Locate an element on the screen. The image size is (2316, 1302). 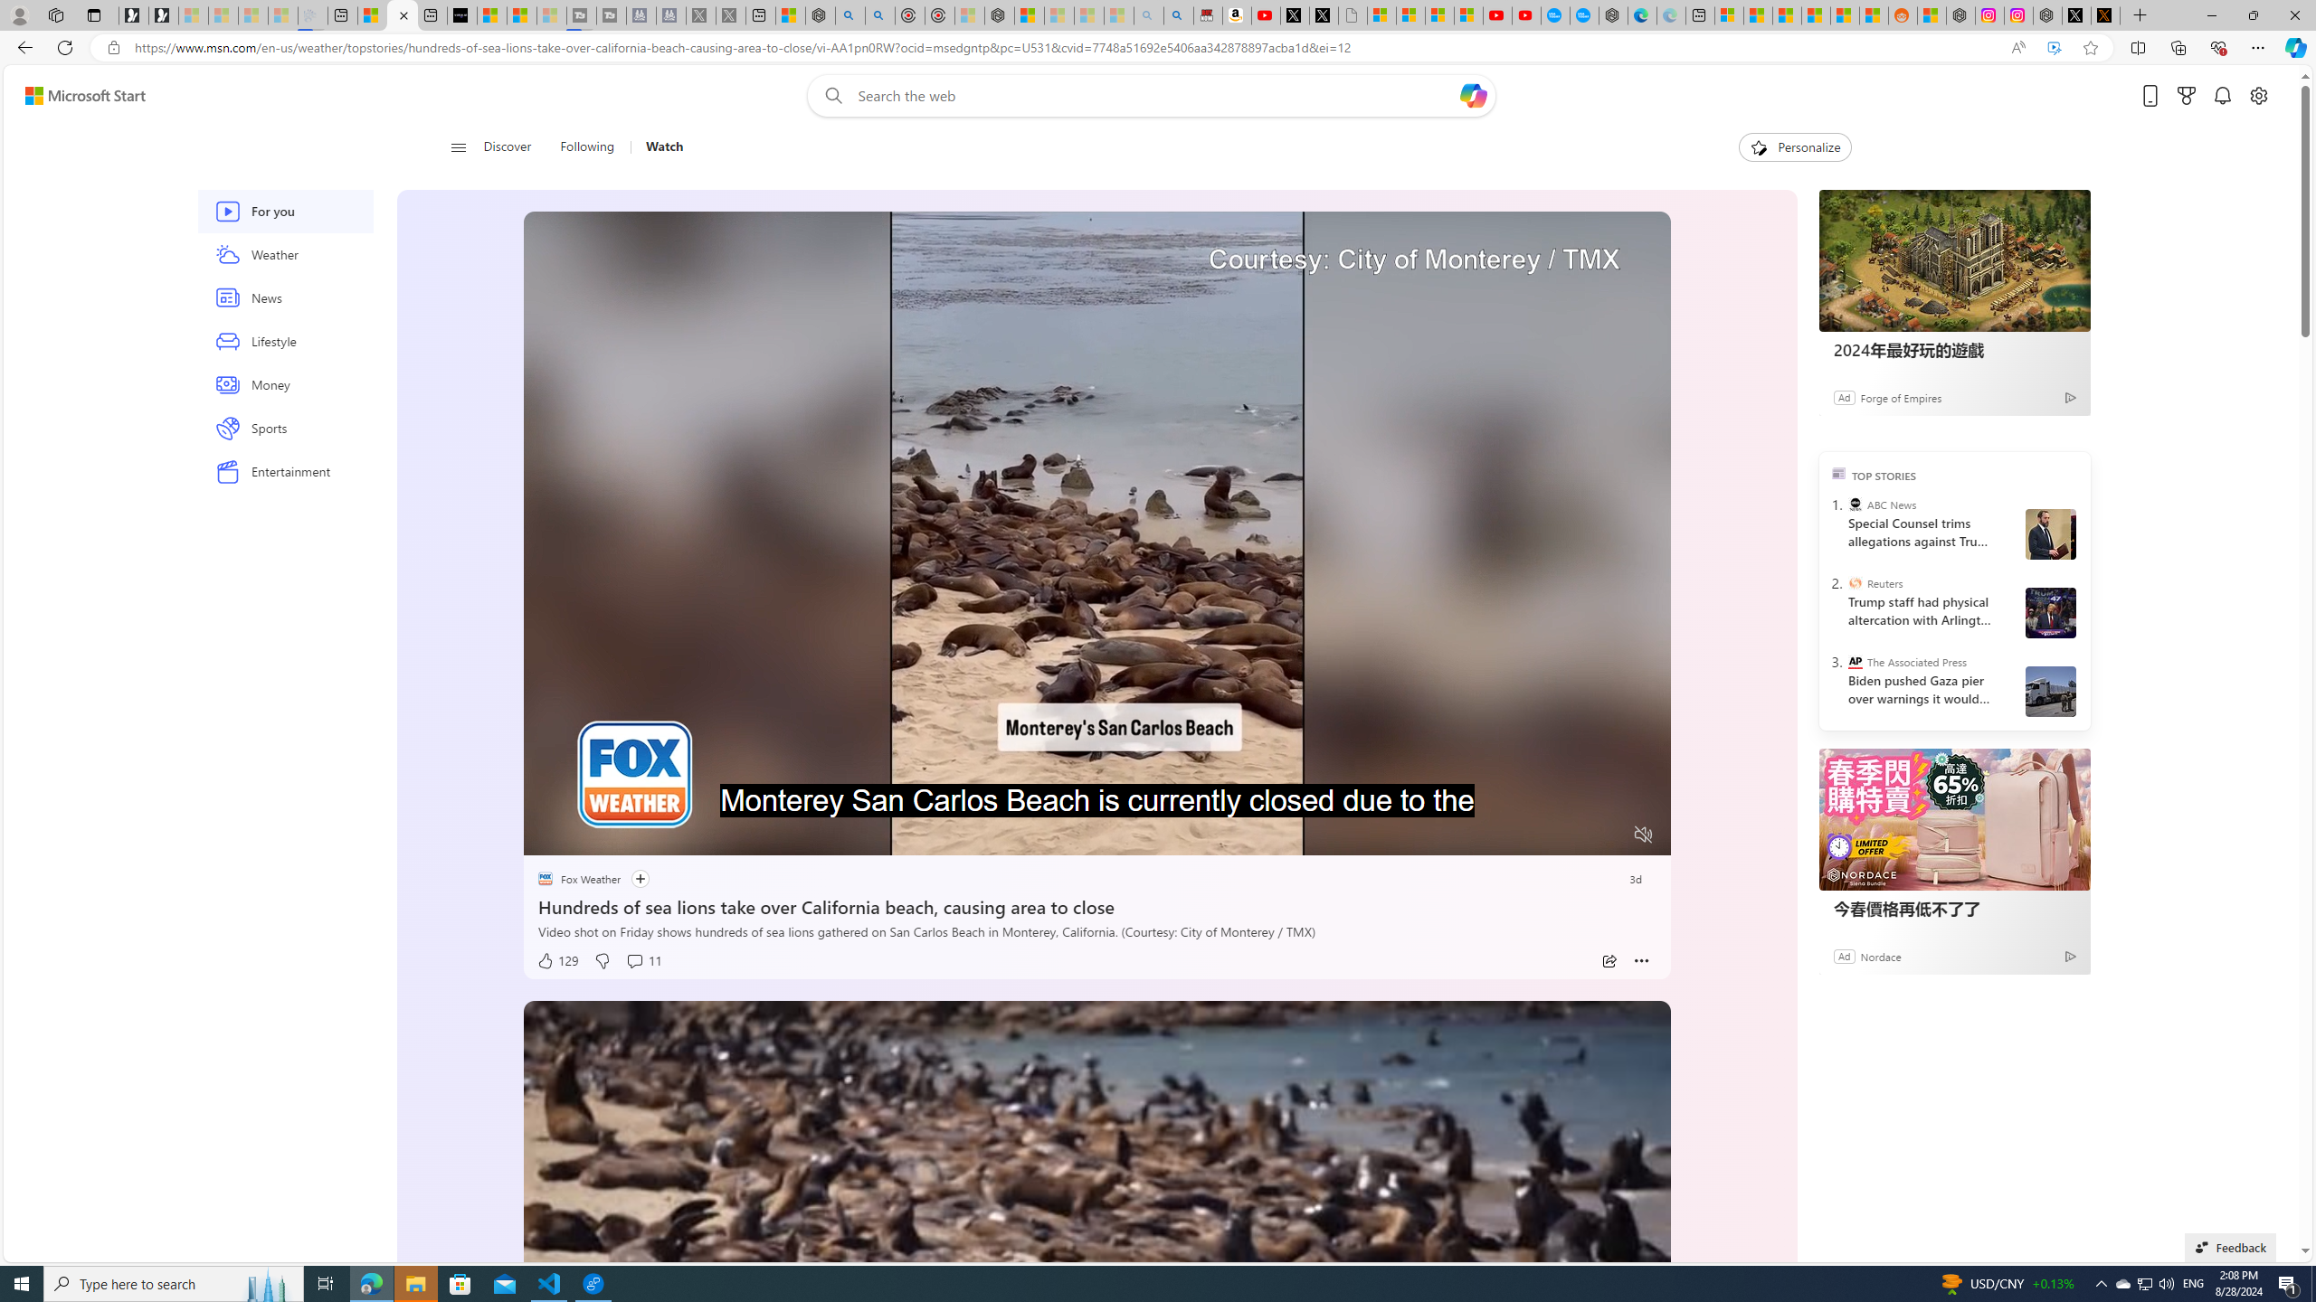
'Unmute' is located at coordinates (1644, 834).